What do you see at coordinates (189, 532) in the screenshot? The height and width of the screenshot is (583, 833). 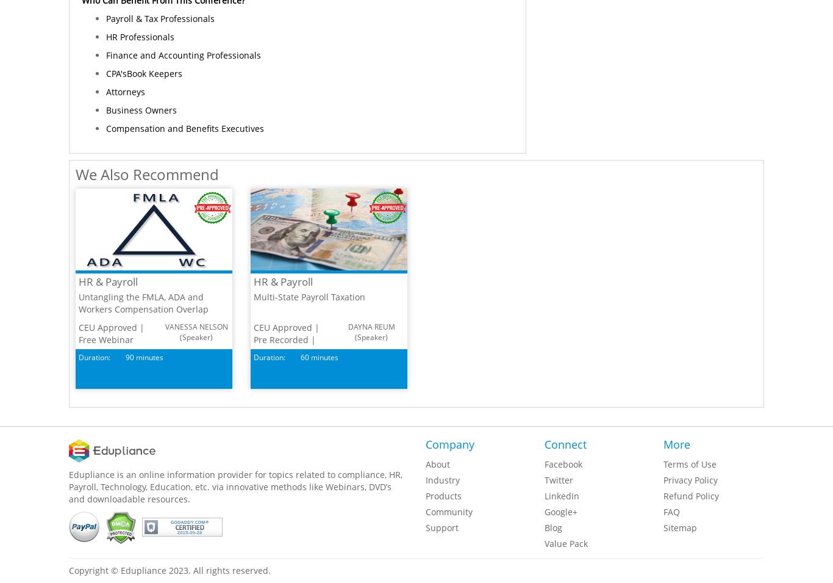 I see `'2015-09-28'` at bounding box center [189, 532].